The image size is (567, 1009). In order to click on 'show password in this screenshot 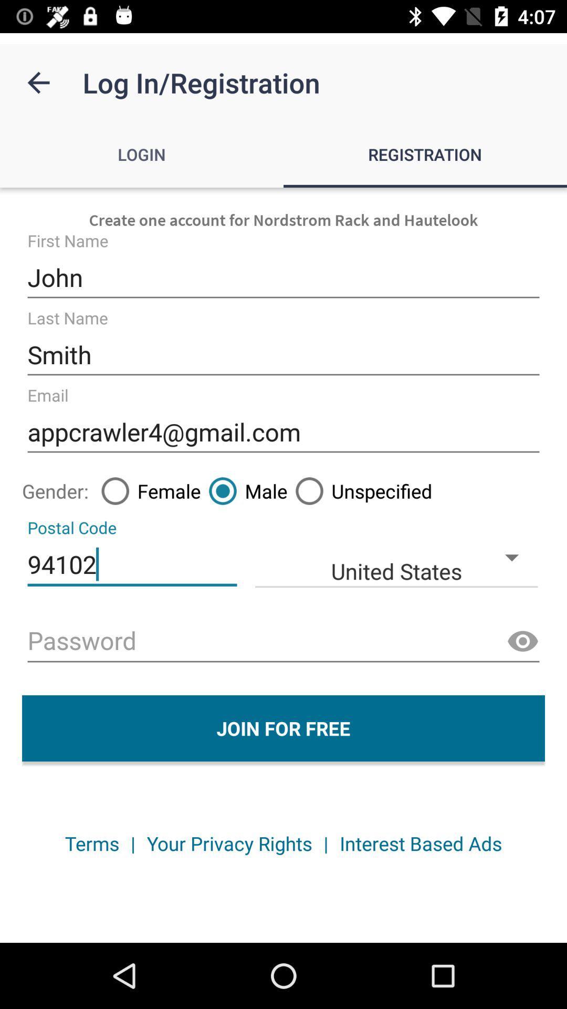, I will do `click(522, 641)`.